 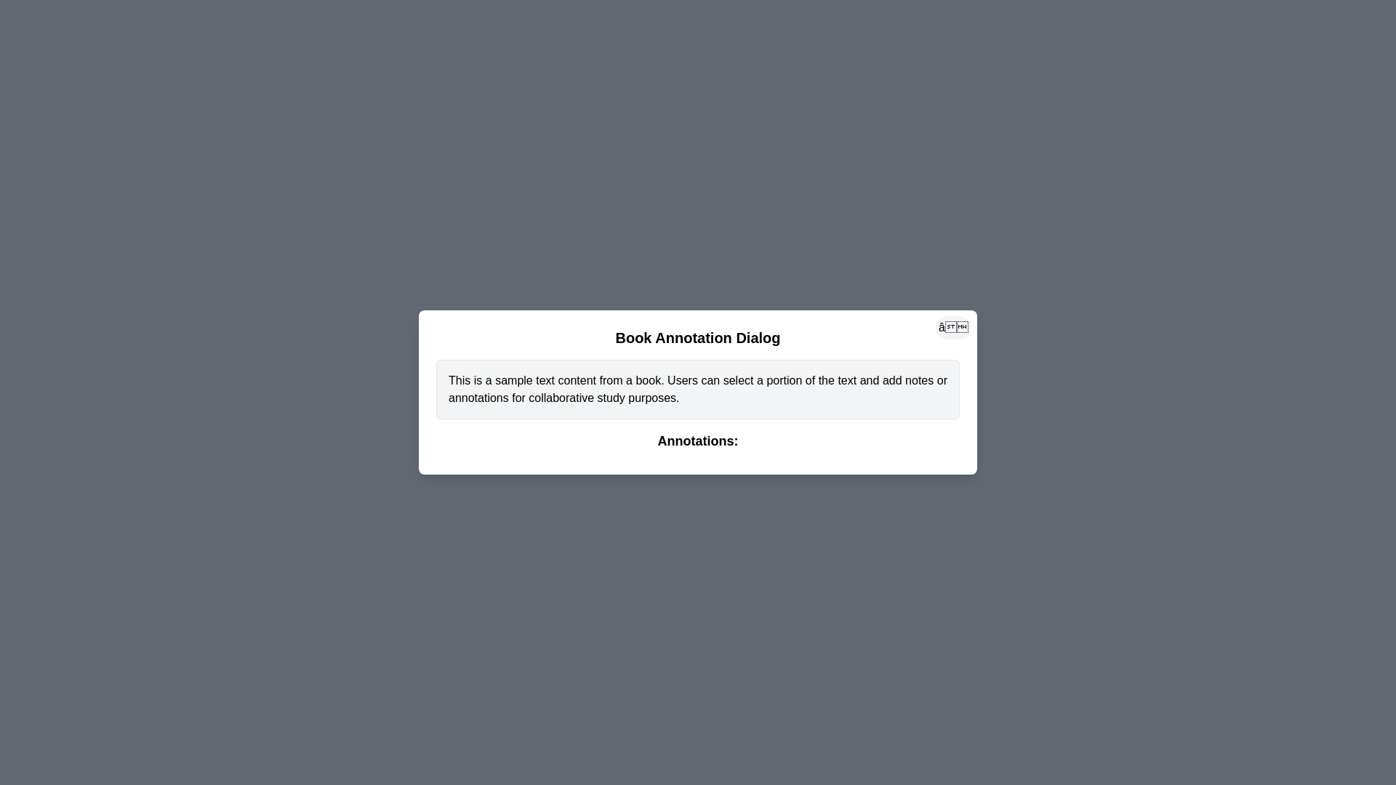 What do you see at coordinates (952, 328) in the screenshot?
I see `close button to close the dialog` at bounding box center [952, 328].